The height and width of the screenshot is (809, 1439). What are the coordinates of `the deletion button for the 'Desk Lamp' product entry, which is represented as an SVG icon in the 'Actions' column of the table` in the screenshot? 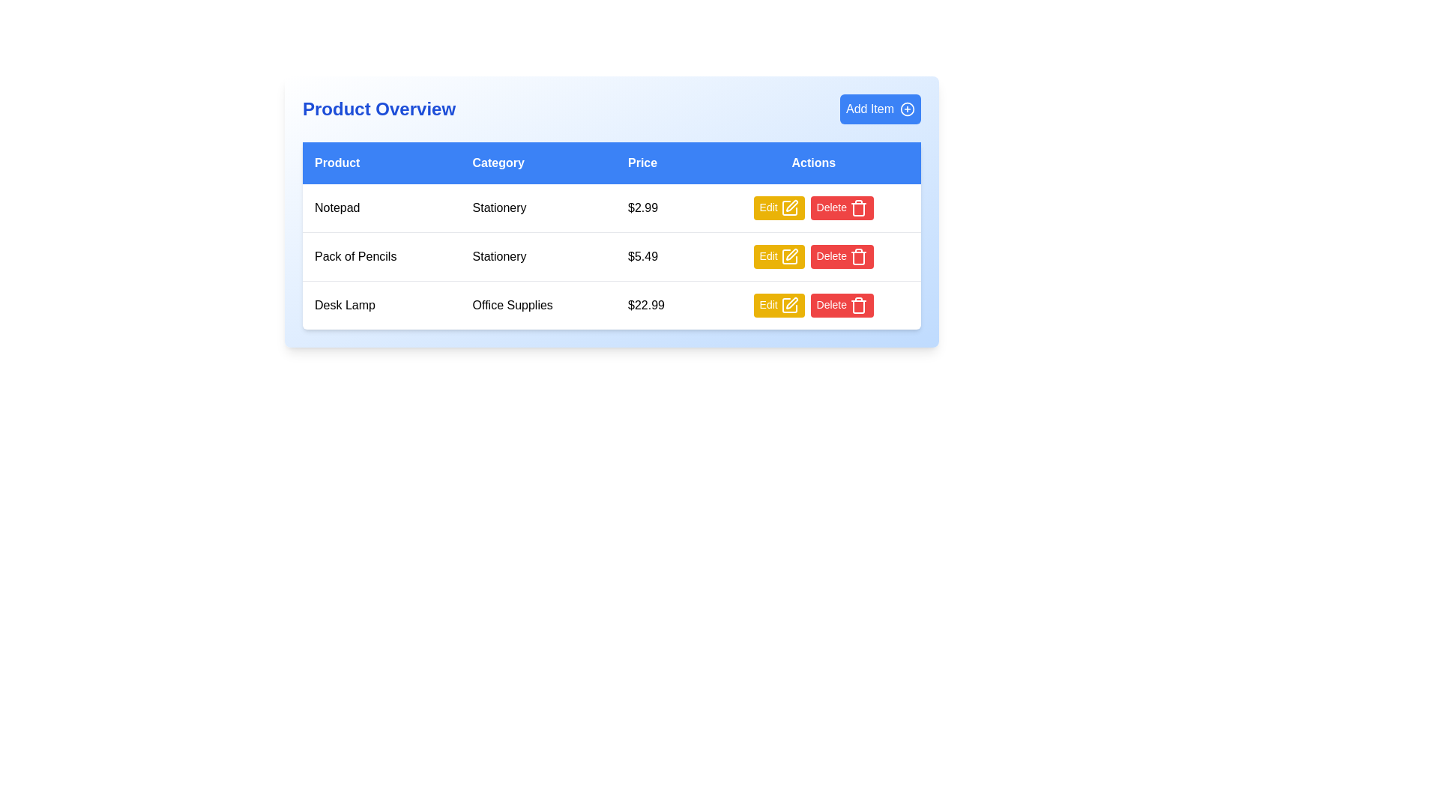 It's located at (858, 306).